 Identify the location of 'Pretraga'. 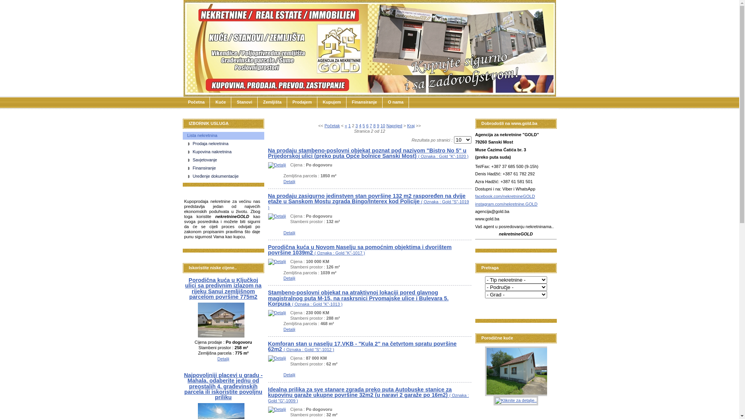
(495, 306).